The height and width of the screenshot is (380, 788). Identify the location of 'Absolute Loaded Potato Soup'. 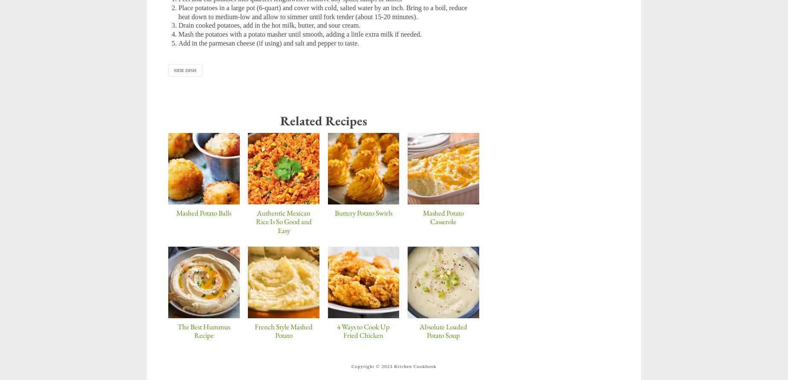
(443, 331).